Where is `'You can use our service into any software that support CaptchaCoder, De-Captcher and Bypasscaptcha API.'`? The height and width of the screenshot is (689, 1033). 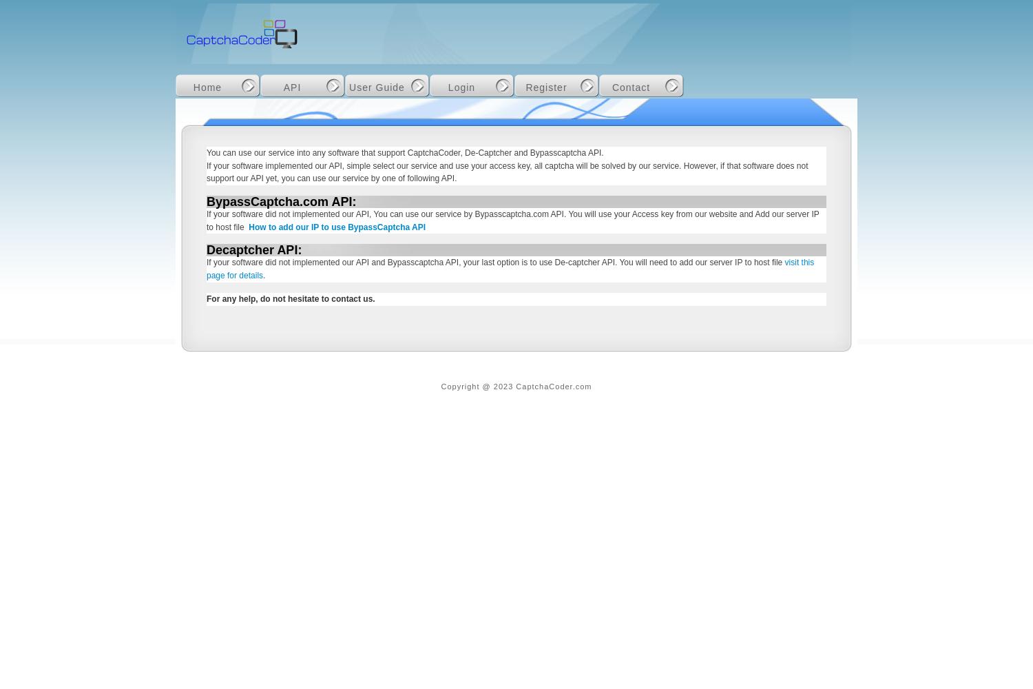
'You can use our service into any software that support CaptchaCoder, De-Captcher and Bypasscaptcha API.' is located at coordinates (404, 152).